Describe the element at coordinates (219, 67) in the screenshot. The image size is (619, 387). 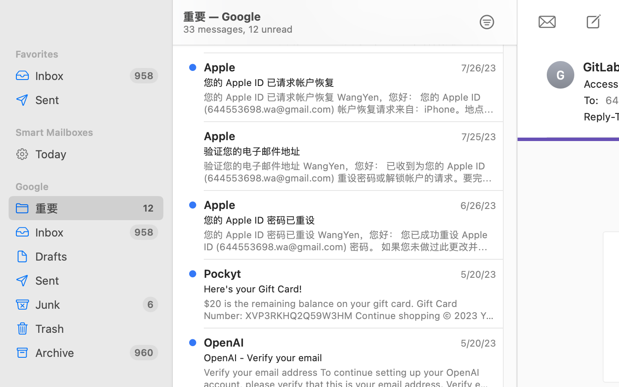
I see `'Apple'` at that location.